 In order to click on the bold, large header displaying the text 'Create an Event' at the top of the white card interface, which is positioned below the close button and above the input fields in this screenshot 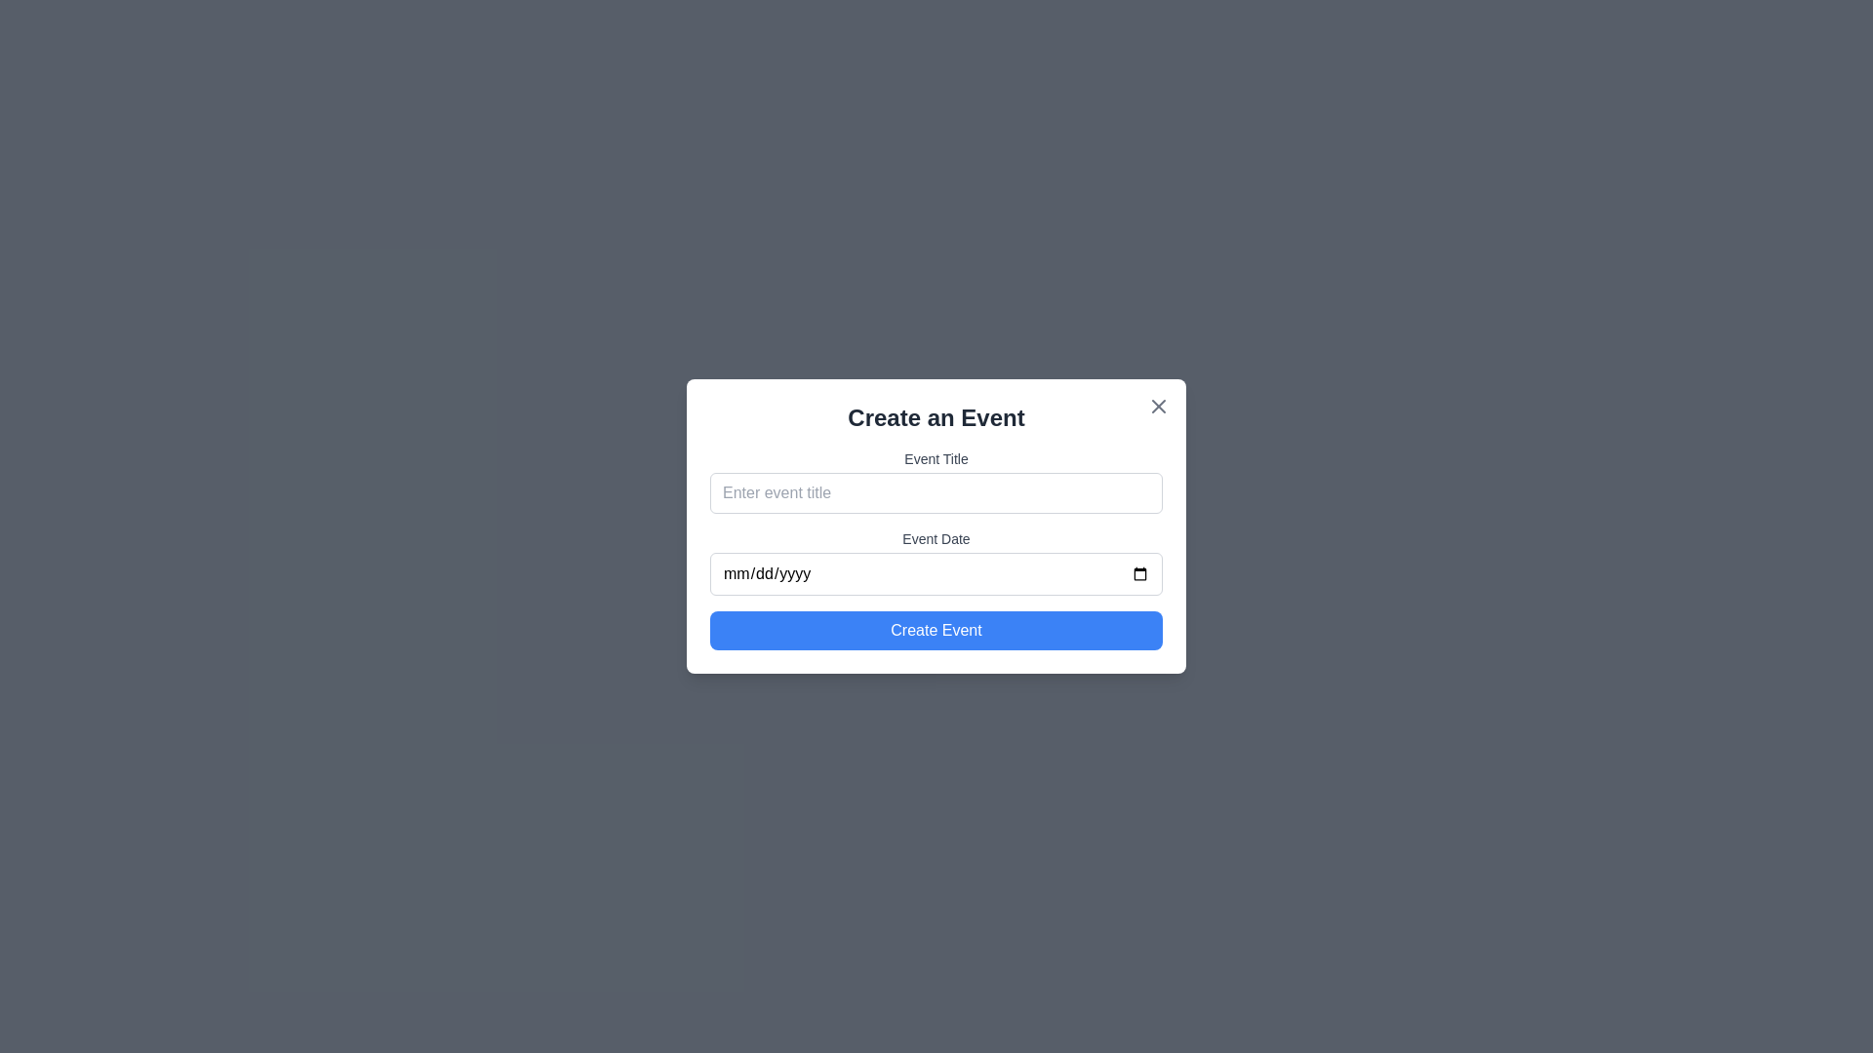, I will do `click(936, 416)`.